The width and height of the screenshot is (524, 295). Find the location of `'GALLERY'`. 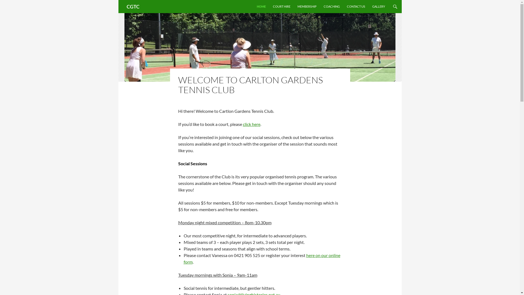

'GALLERY' is located at coordinates (369, 6).